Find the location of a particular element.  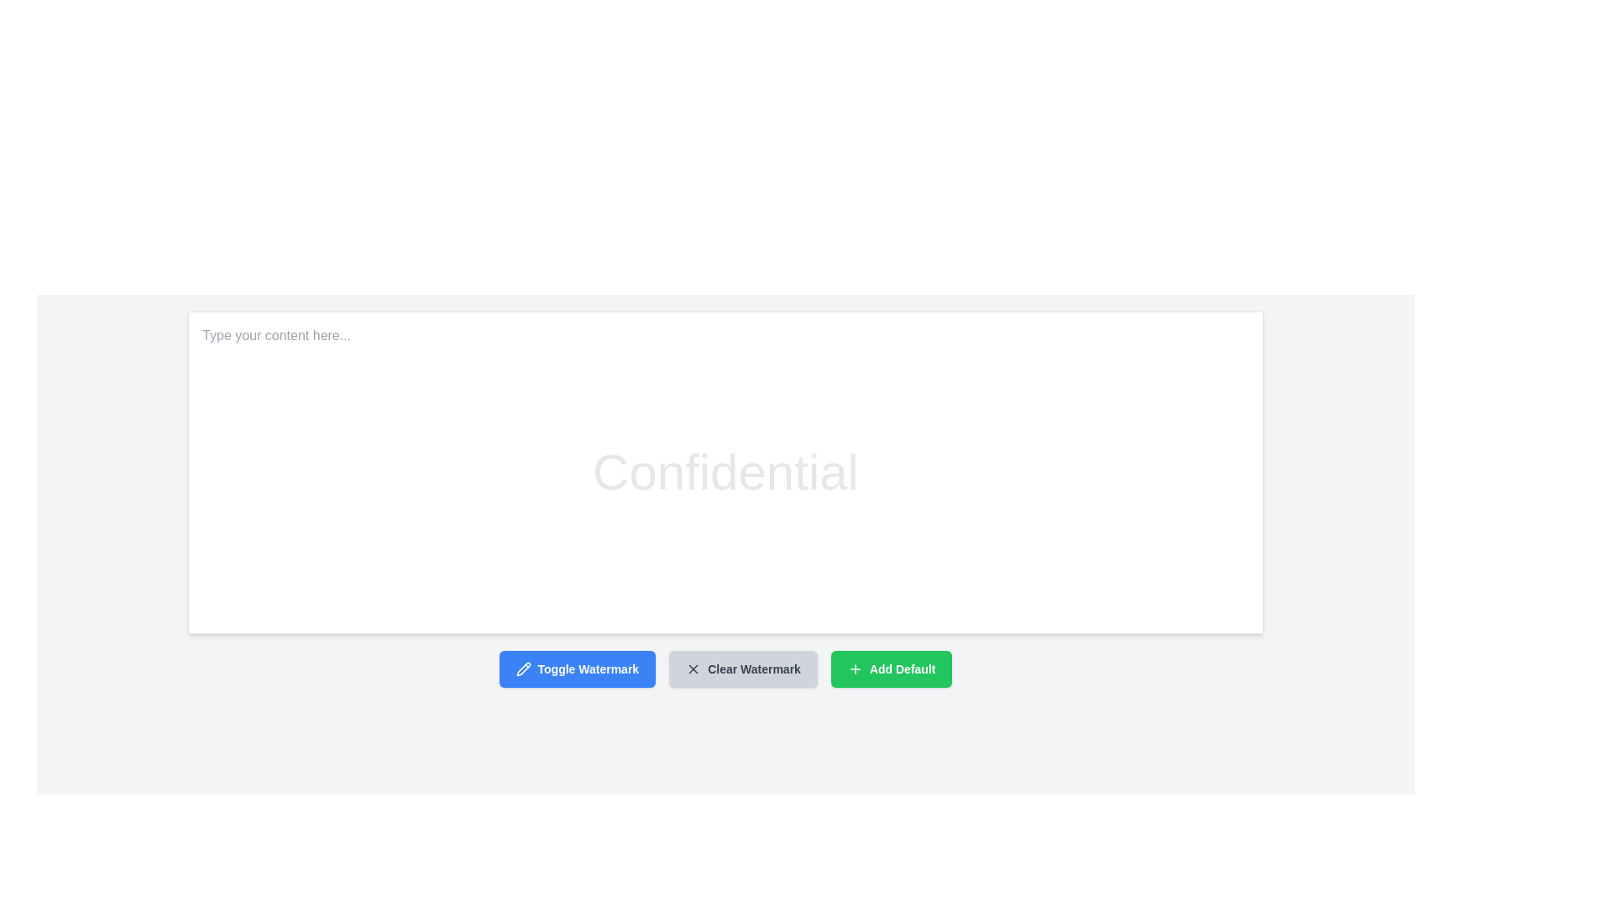

the decorative icon indicating the 'Toggle Watermark' button, which is located at the bottom-left corner of the content section is located at coordinates (522, 668).